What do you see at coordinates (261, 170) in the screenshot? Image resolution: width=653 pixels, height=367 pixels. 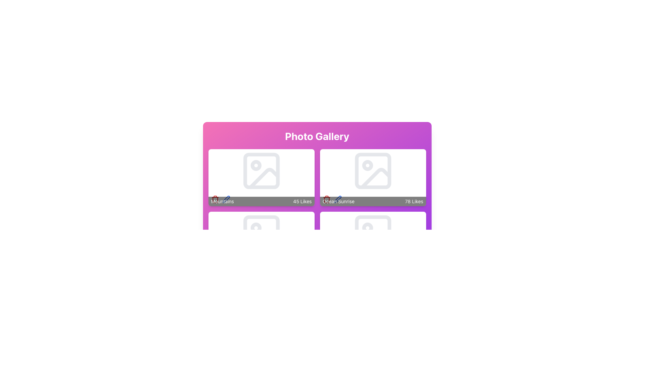 I see `the decorative graphic rectangle element located in the upper left grid cell of the photo gallery layout, which serves as part of the image placeholder` at bounding box center [261, 170].